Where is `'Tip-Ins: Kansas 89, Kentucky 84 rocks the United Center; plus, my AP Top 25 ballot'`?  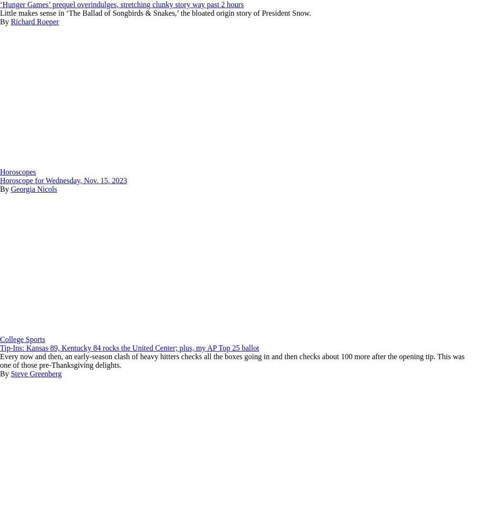 'Tip-Ins: Kansas 89, Kentucky 84 rocks the United Center; plus, my AP Top 25 ballot' is located at coordinates (129, 348).